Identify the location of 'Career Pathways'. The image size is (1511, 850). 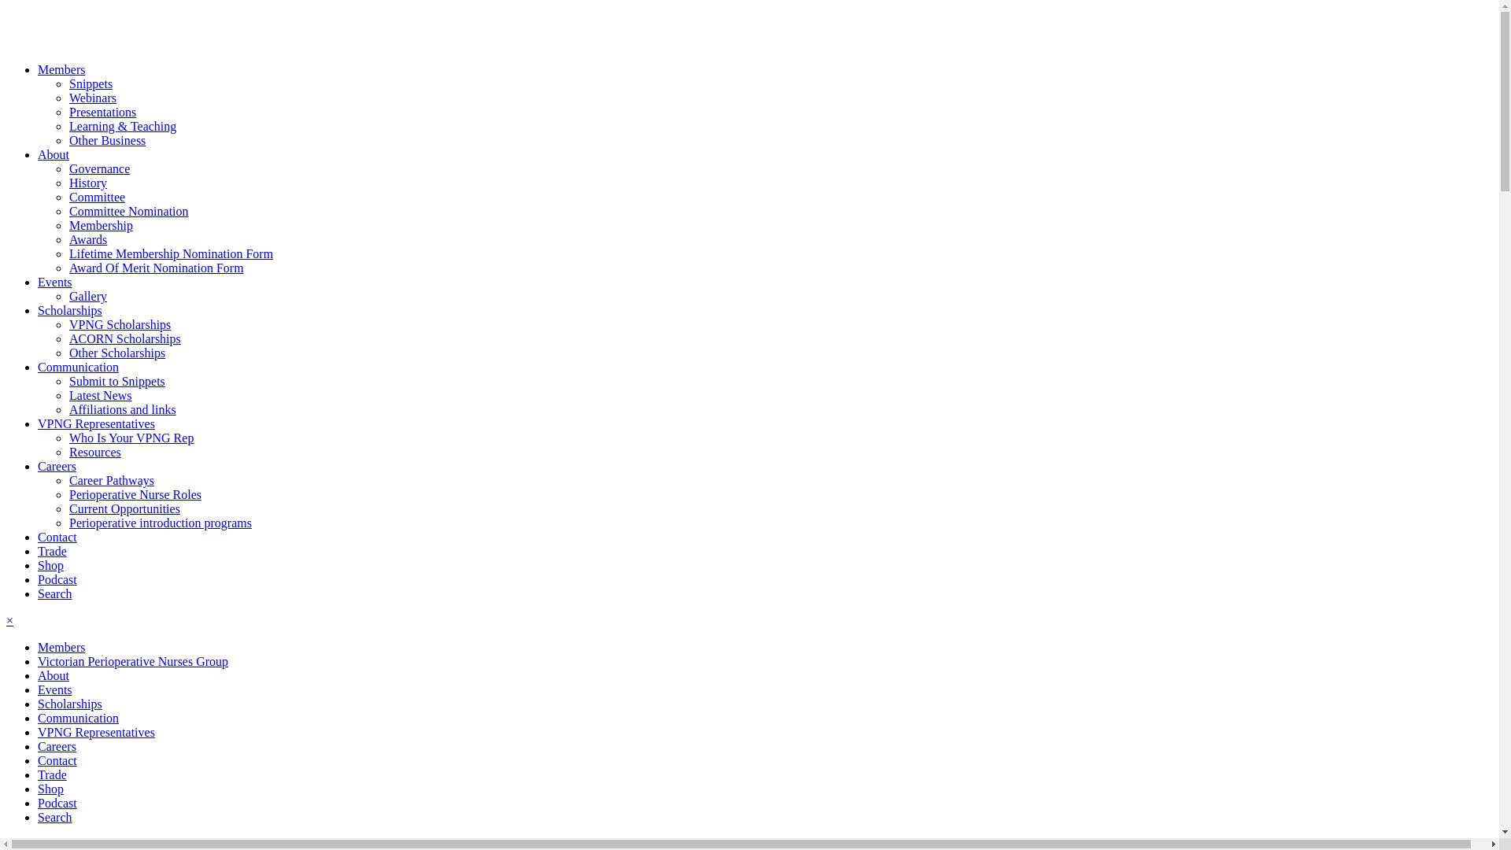
(111, 479).